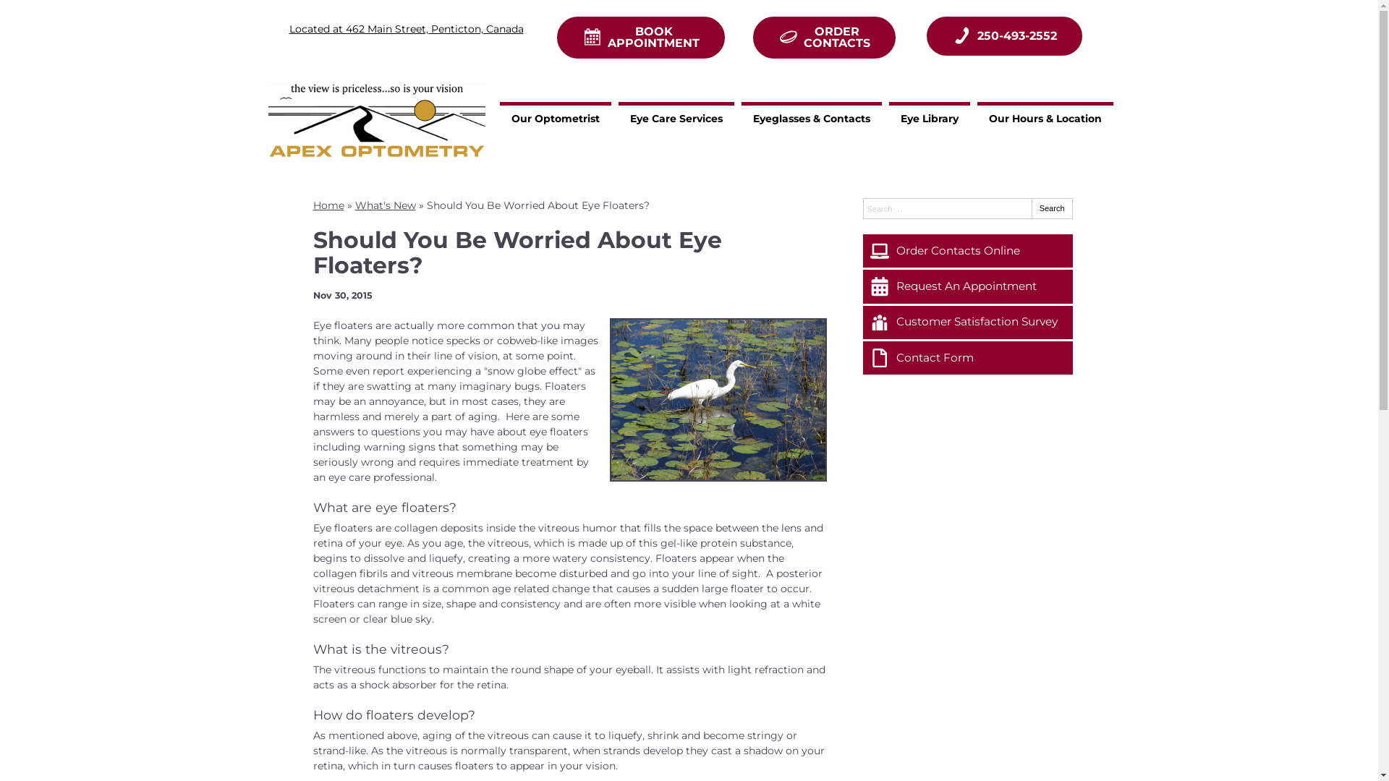  I want to click on 'Home', so click(327, 205).